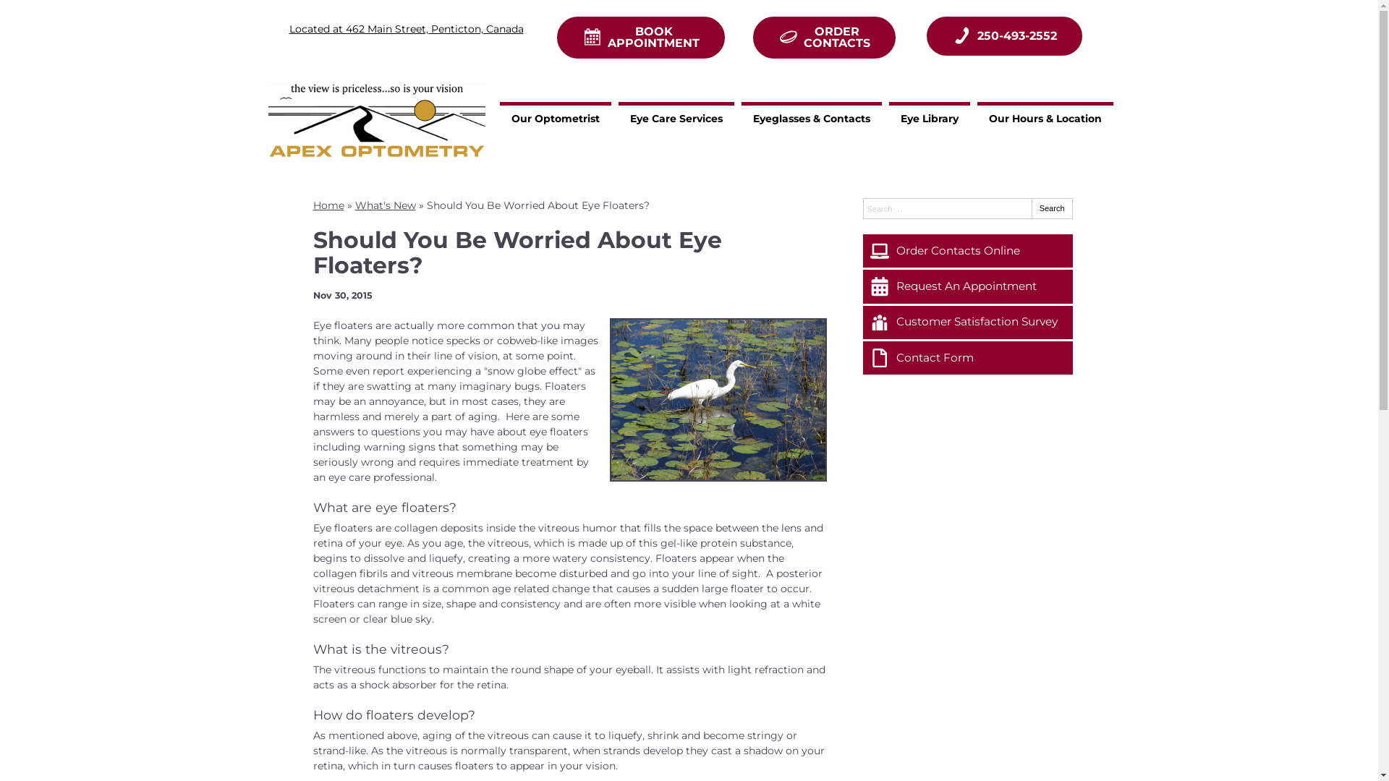  I want to click on 'Home', so click(327, 205).